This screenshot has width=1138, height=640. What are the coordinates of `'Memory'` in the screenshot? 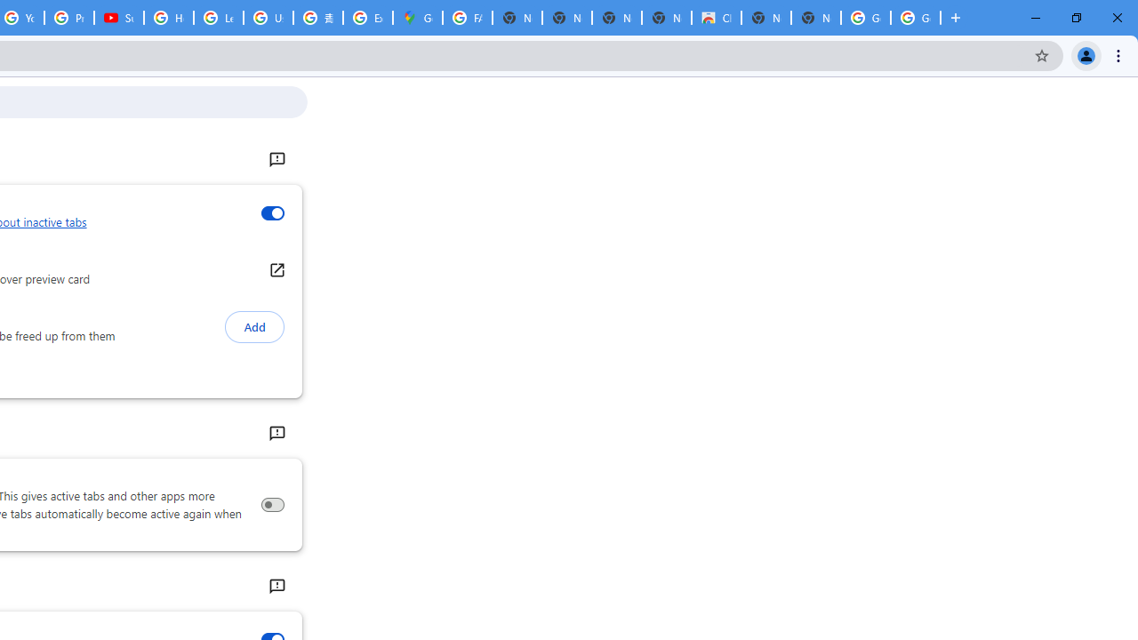 It's located at (276, 434).